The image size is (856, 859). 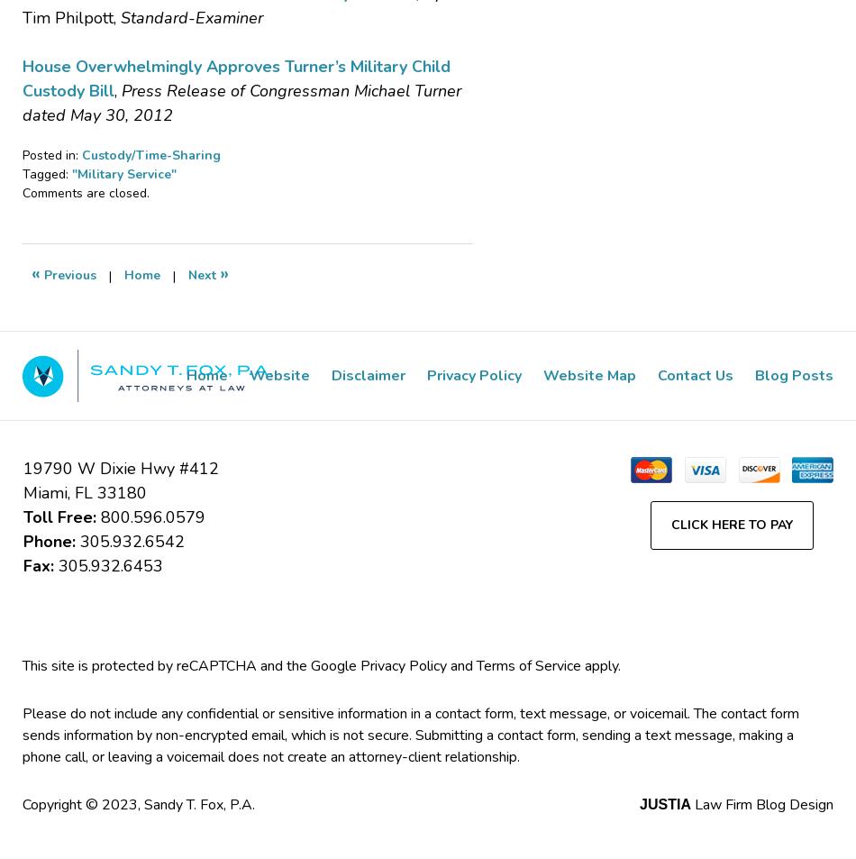 What do you see at coordinates (120, 804) in the screenshot?
I see `'2023'` at bounding box center [120, 804].